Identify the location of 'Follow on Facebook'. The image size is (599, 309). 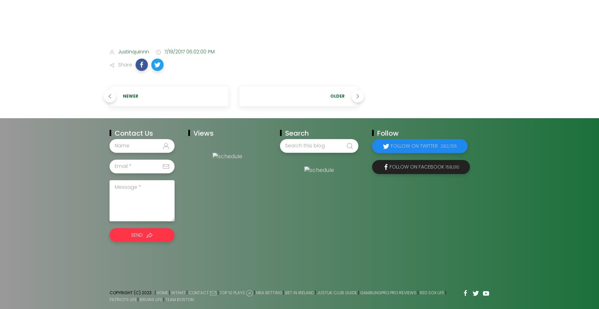
(388, 166).